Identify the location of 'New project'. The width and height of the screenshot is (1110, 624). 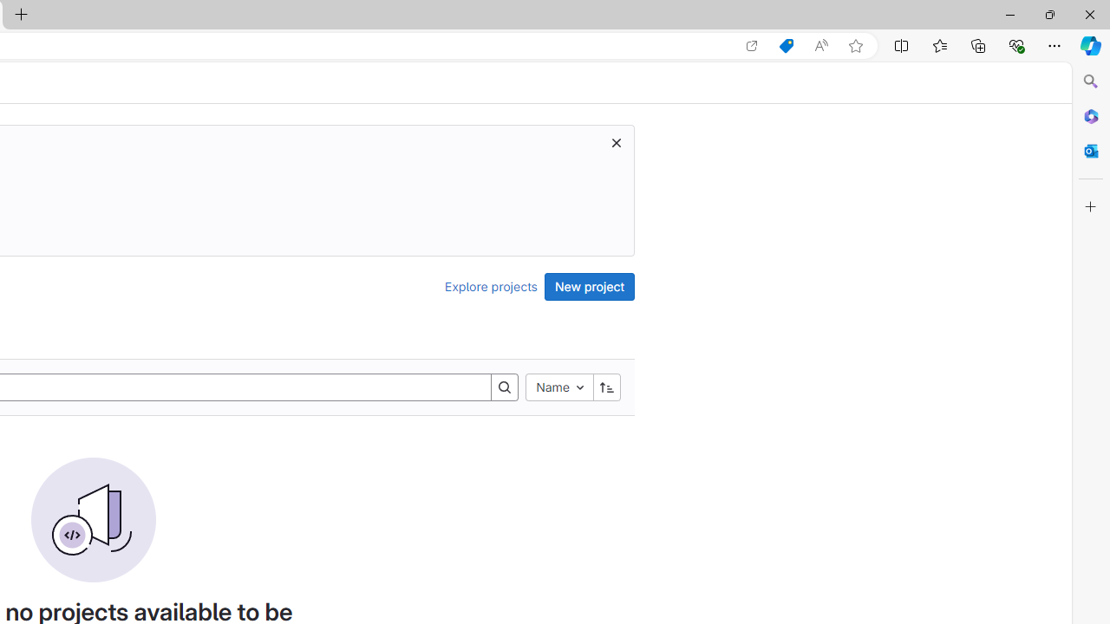
(590, 285).